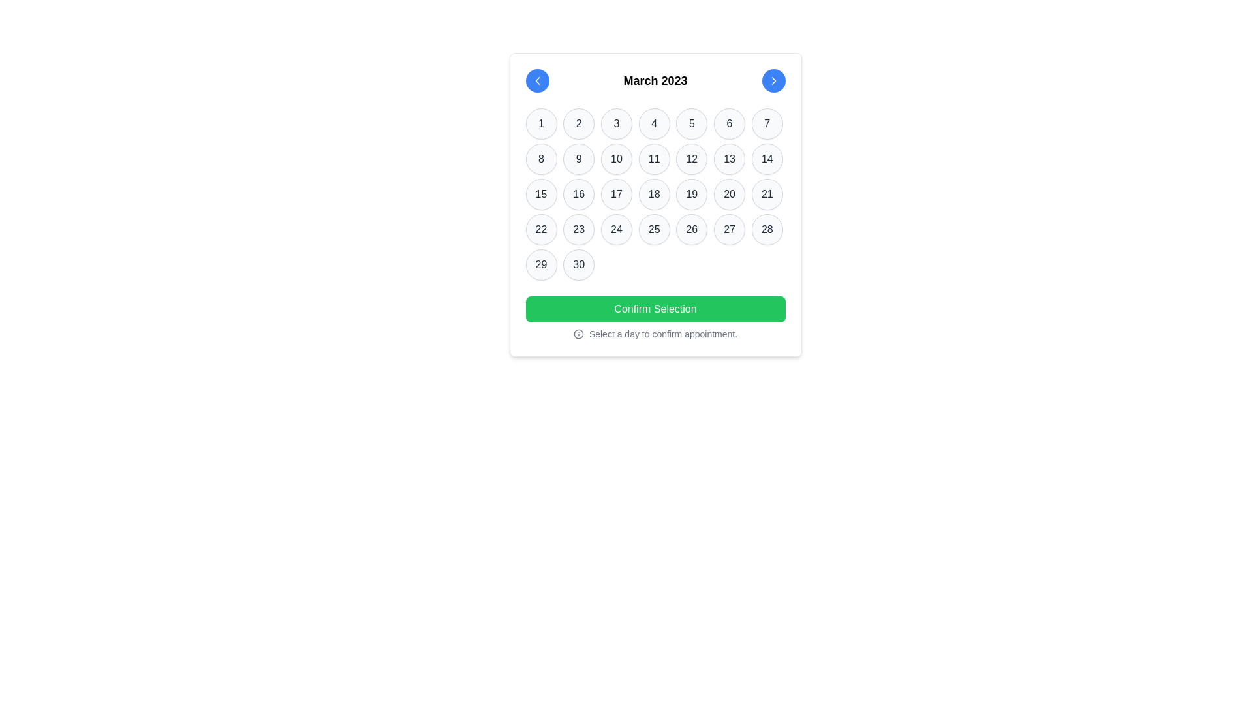 The width and height of the screenshot is (1253, 705). Describe the element at coordinates (654, 228) in the screenshot. I see `the circular button with the number '25' in a calendar date selector for keyboard navigation` at that location.